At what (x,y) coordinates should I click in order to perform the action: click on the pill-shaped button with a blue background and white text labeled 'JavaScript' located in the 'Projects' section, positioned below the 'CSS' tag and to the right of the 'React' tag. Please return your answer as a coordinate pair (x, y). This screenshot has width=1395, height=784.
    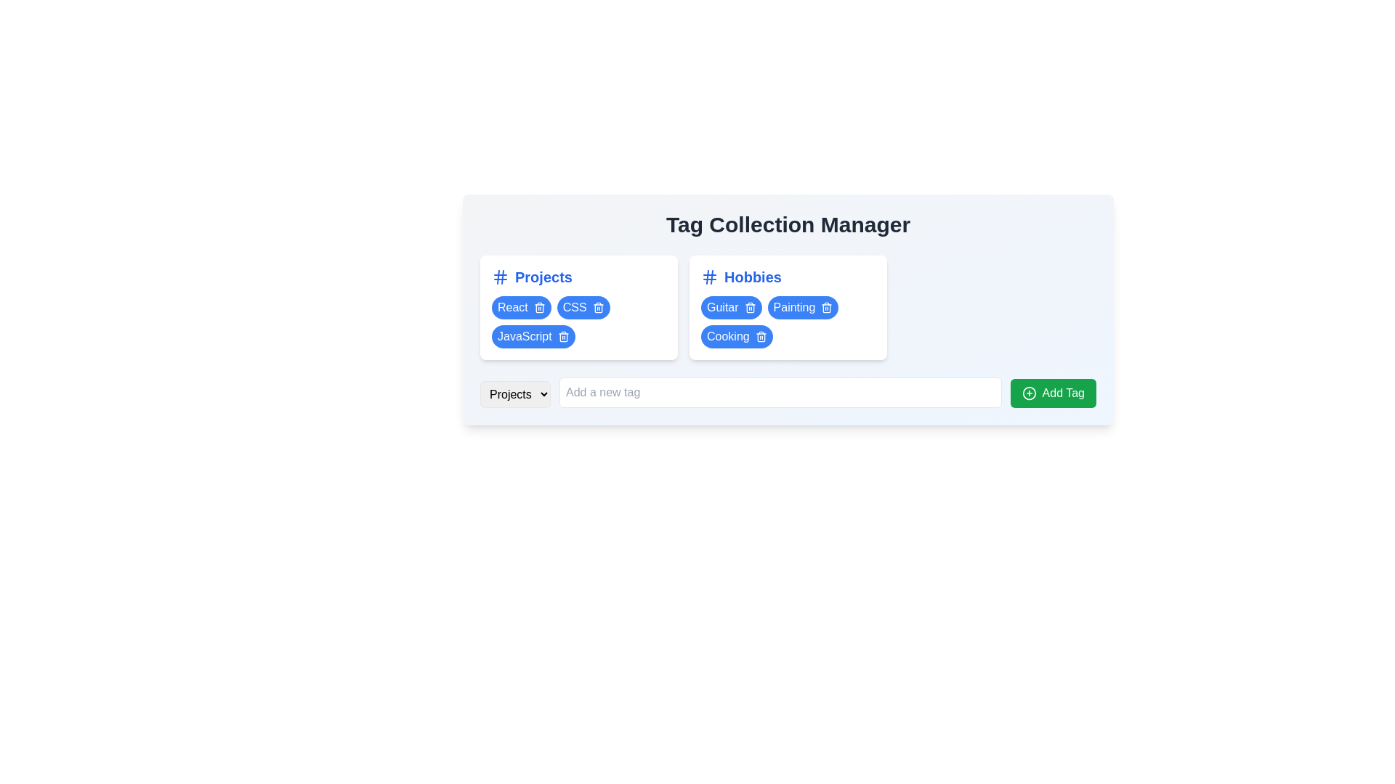
    Looking at the image, I should click on (533, 336).